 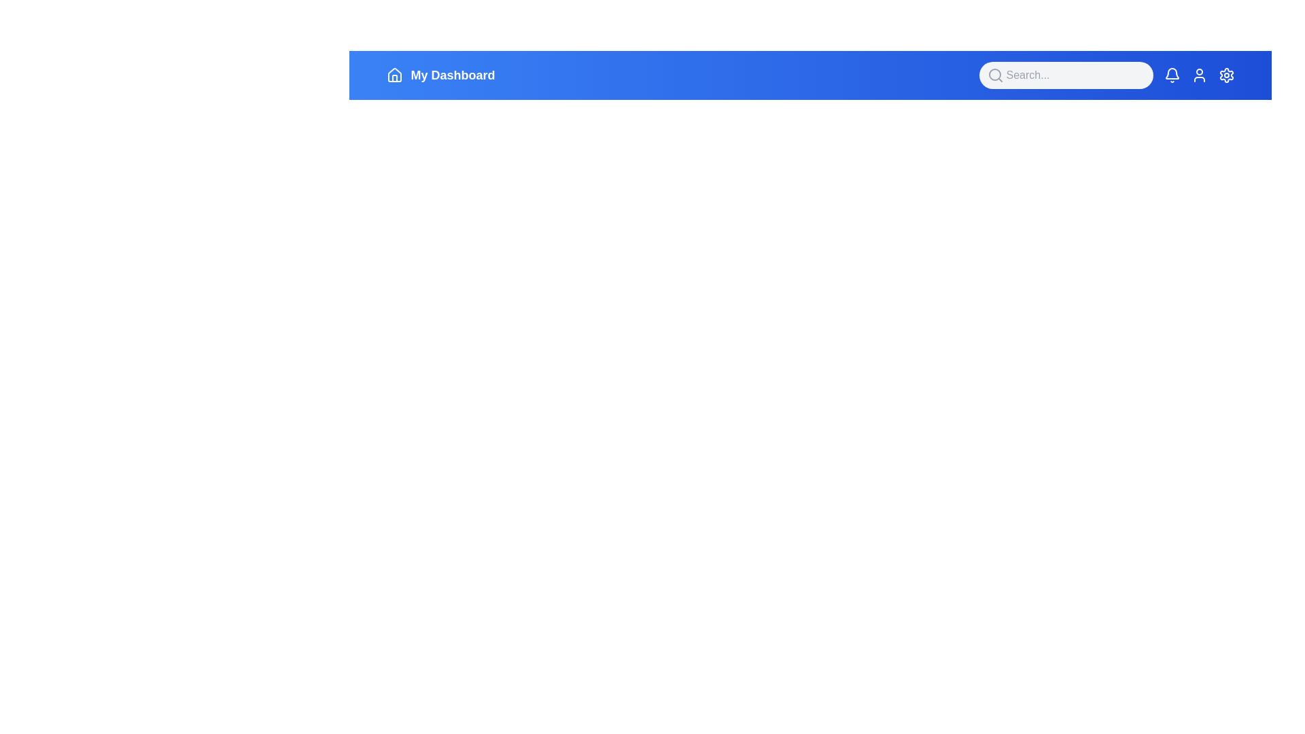 What do you see at coordinates (1226, 75) in the screenshot?
I see `the settings icon to open the settings menu` at bounding box center [1226, 75].